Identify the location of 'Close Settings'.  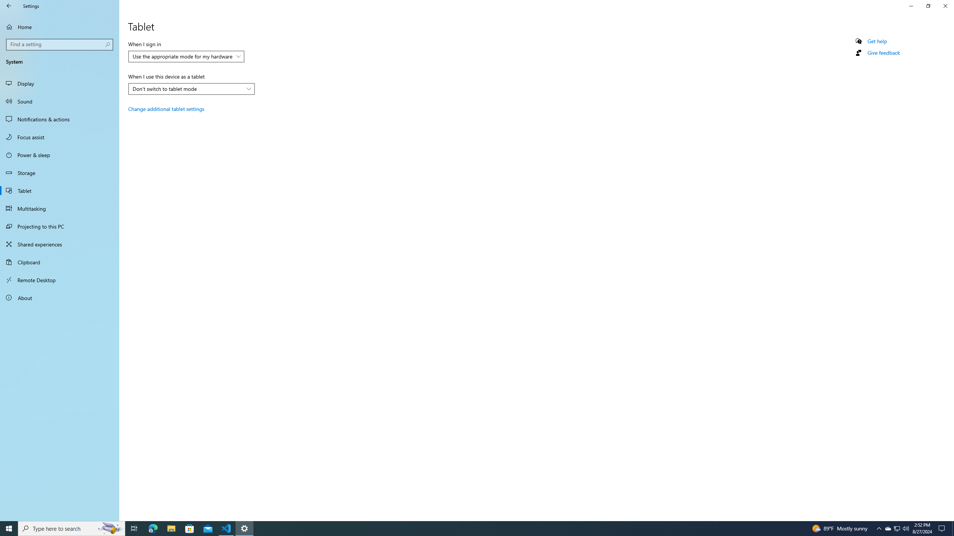
(945, 6).